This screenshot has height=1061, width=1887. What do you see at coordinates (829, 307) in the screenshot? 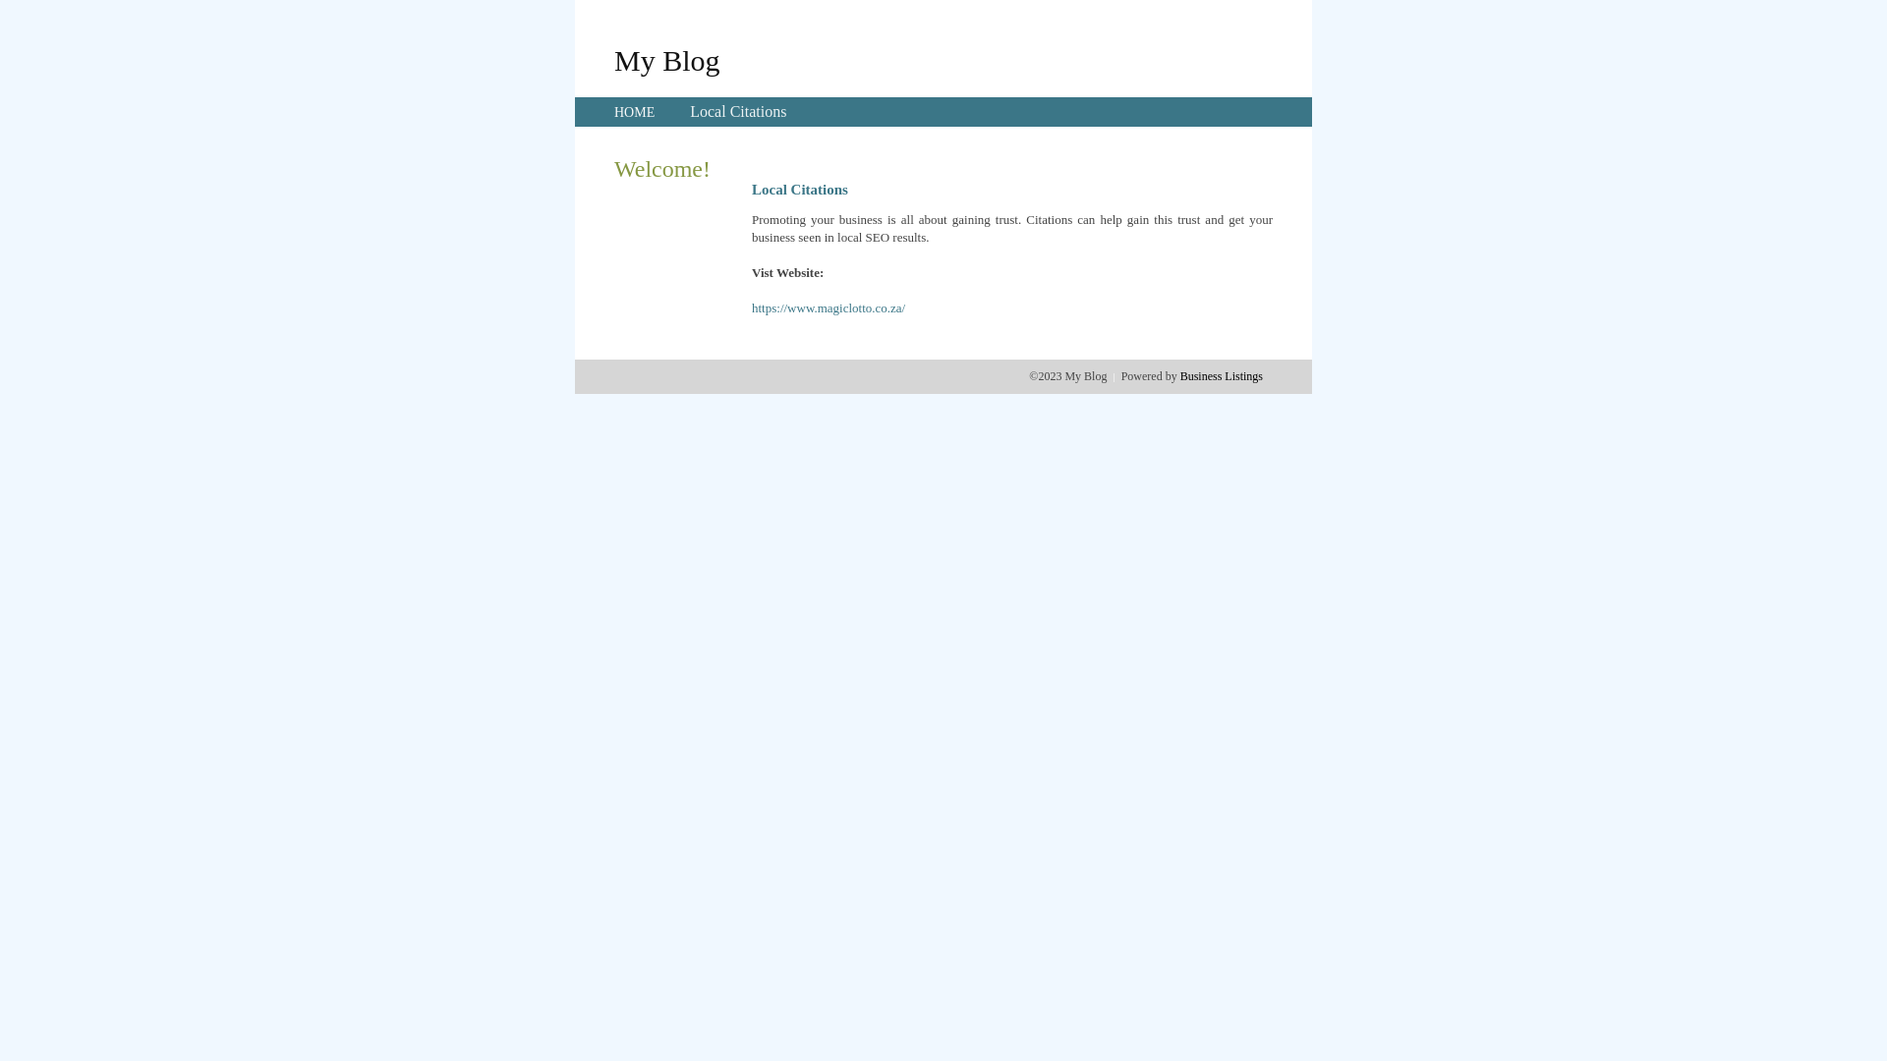
I see `'https://www.magiclotto.co.za/'` at bounding box center [829, 307].